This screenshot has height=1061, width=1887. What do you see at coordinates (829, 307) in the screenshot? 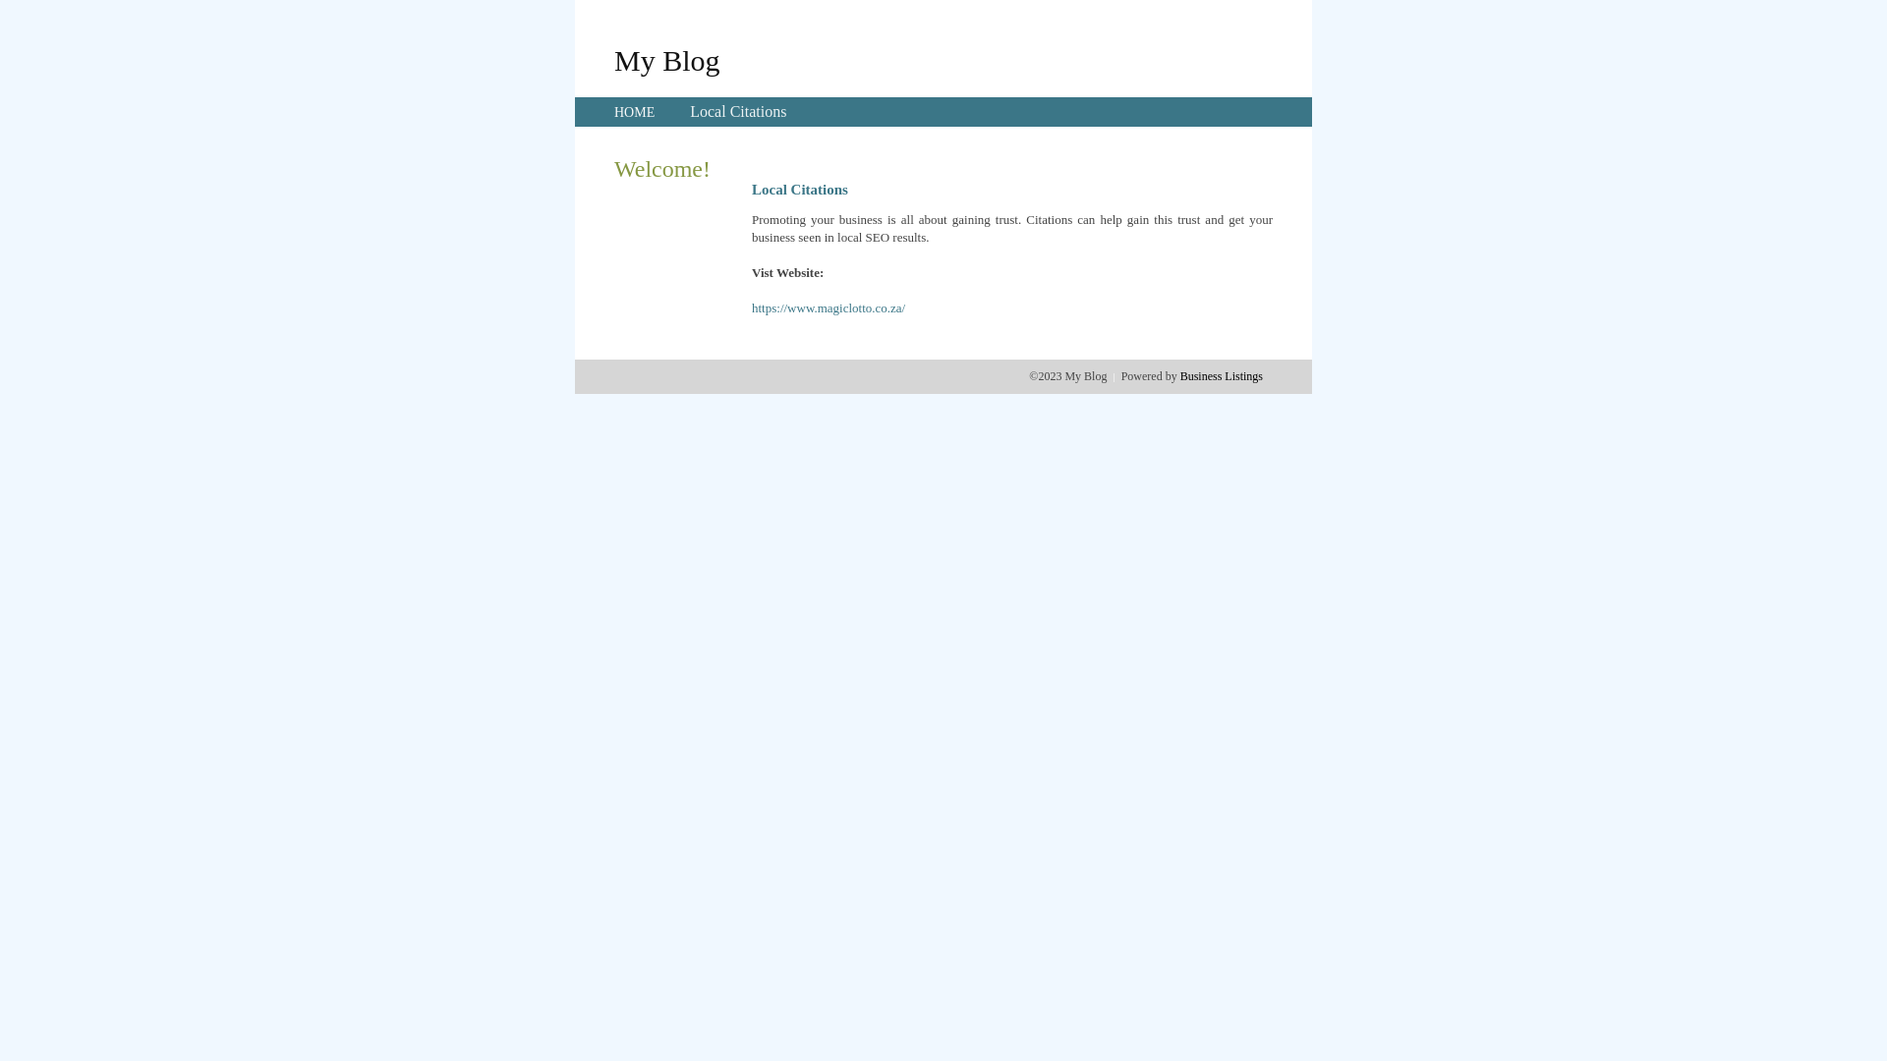
I see `'https://www.magiclotto.co.za/'` at bounding box center [829, 307].